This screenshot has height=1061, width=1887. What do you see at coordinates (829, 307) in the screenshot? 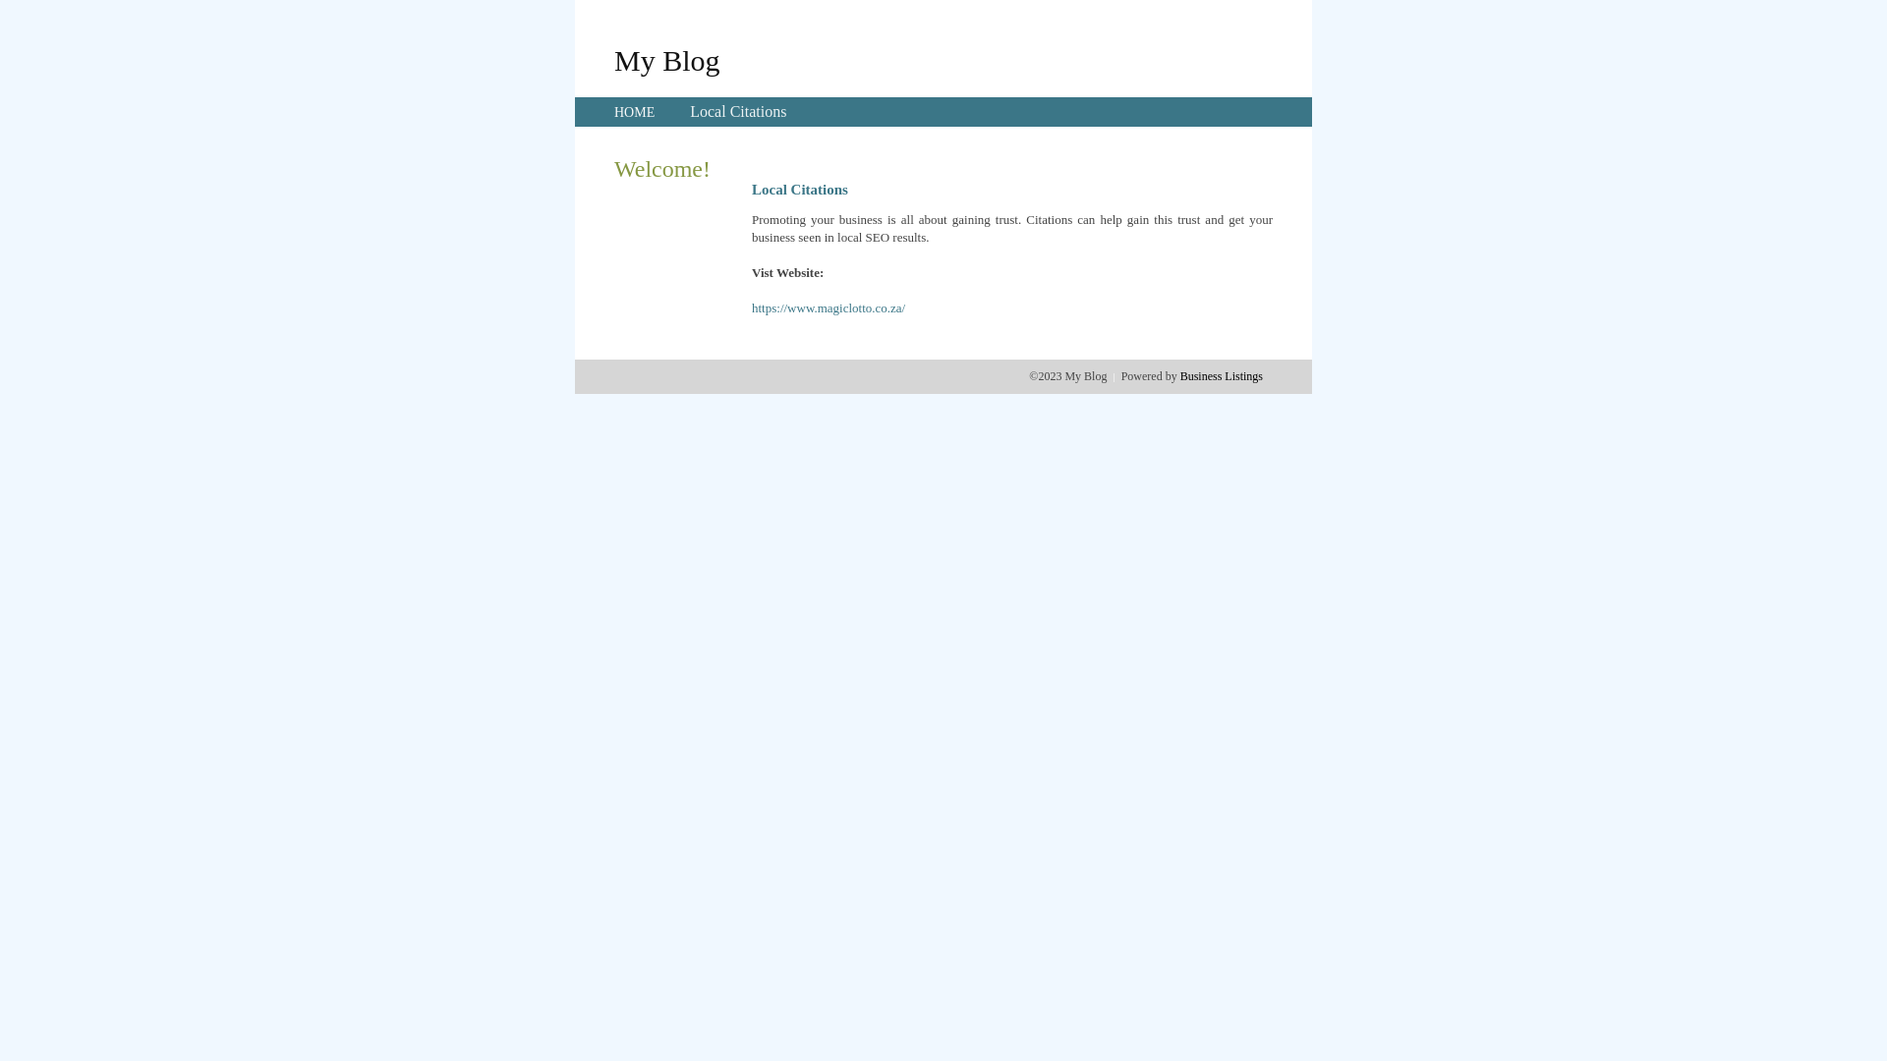
I see `'https://www.magiclotto.co.za/'` at bounding box center [829, 307].